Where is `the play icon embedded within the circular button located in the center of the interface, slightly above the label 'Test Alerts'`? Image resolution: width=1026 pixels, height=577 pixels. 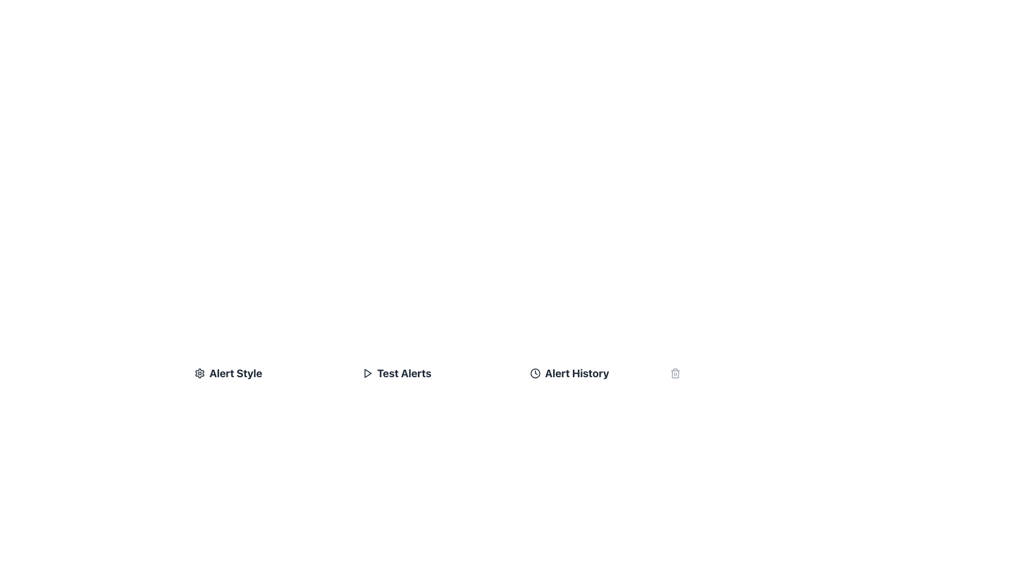 the play icon embedded within the circular button located in the center of the interface, slightly above the label 'Test Alerts' is located at coordinates (368, 372).